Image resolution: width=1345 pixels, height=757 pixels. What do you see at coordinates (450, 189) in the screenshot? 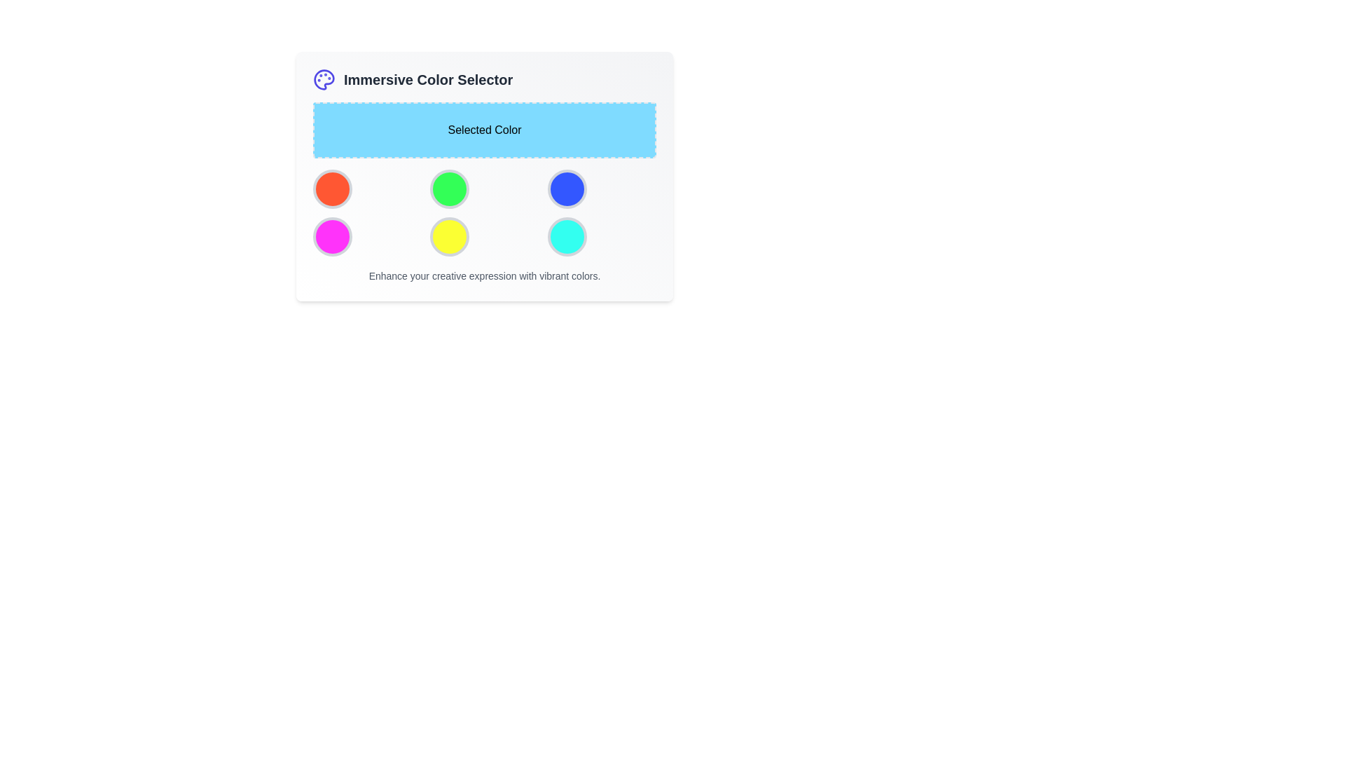
I see `the circular button with a green fill and gray border, which is the second item in the first row of a grid layout containing six buttons` at bounding box center [450, 189].